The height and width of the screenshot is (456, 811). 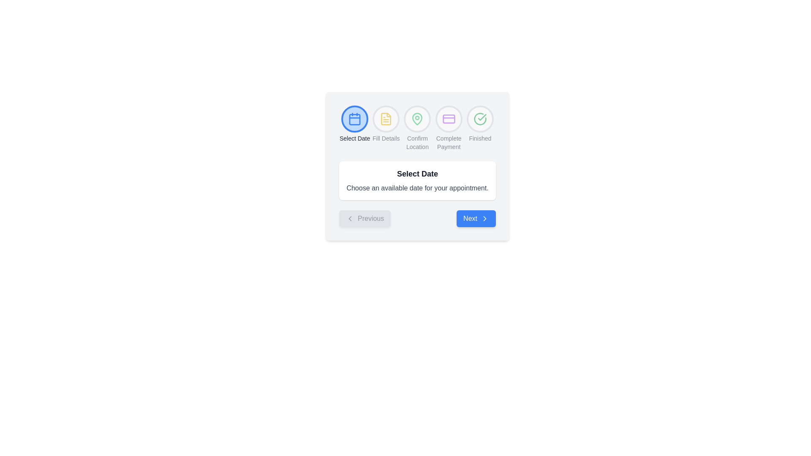 What do you see at coordinates (417, 142) in the screenshot?
I see `the 'Confirm Location' text label, which is the third step in the process flow, located beneath a green map pin icon and surrounded by other step labels` at bounding box center [417, 142].